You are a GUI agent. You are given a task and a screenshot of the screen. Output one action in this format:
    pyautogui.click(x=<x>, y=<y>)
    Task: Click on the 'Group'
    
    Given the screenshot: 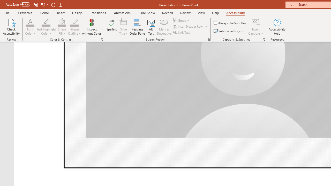 What is the action you would take?
    pyautogui.click(x=182, y=20)
    